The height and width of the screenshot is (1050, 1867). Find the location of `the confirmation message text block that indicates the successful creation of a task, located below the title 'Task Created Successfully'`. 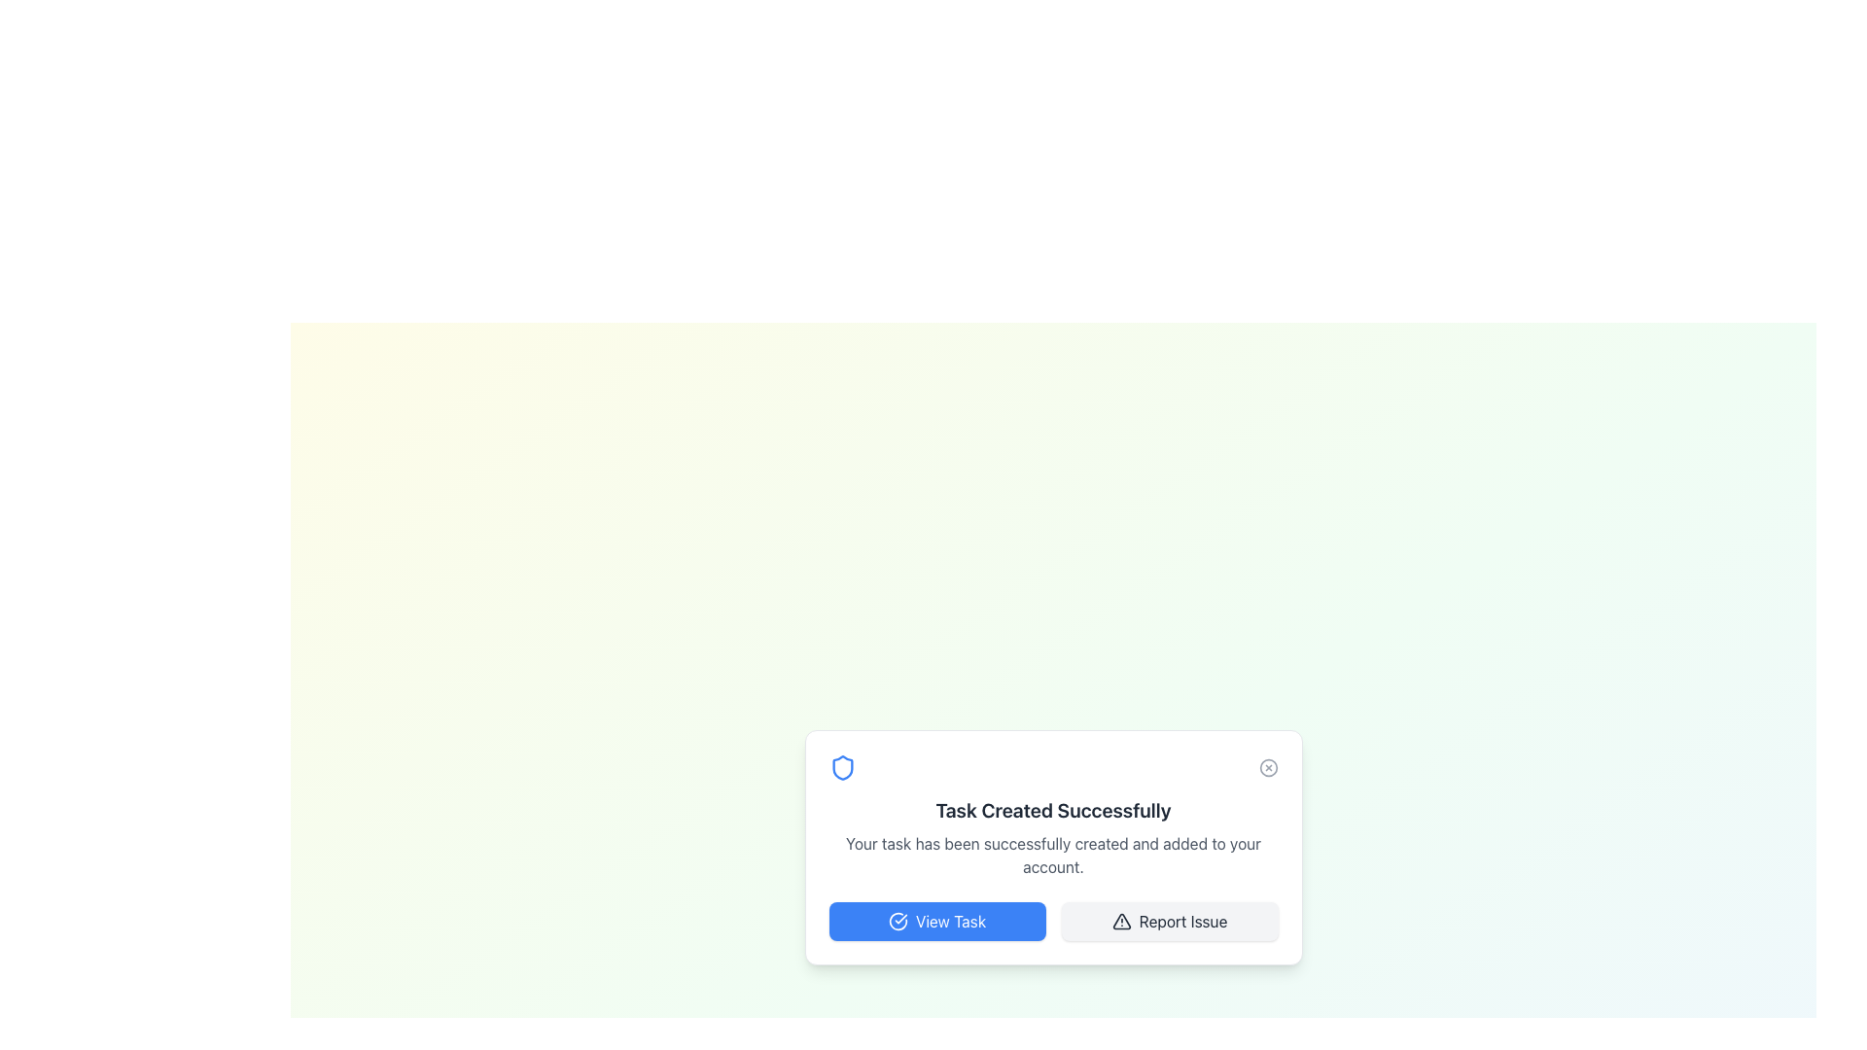

the confirmation message text block that indicates the successful creation of a task, located below the title 'Task Created Successfully' is located at coordinates (1052, 854).